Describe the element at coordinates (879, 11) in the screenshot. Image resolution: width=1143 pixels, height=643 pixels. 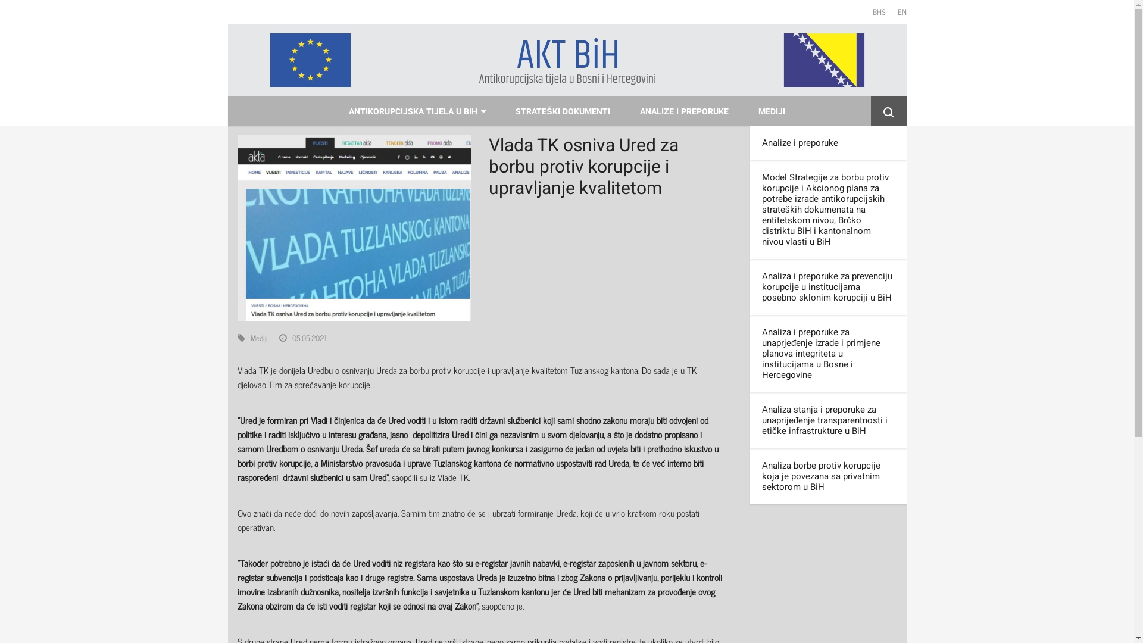
I see `'BHS'` at that location.